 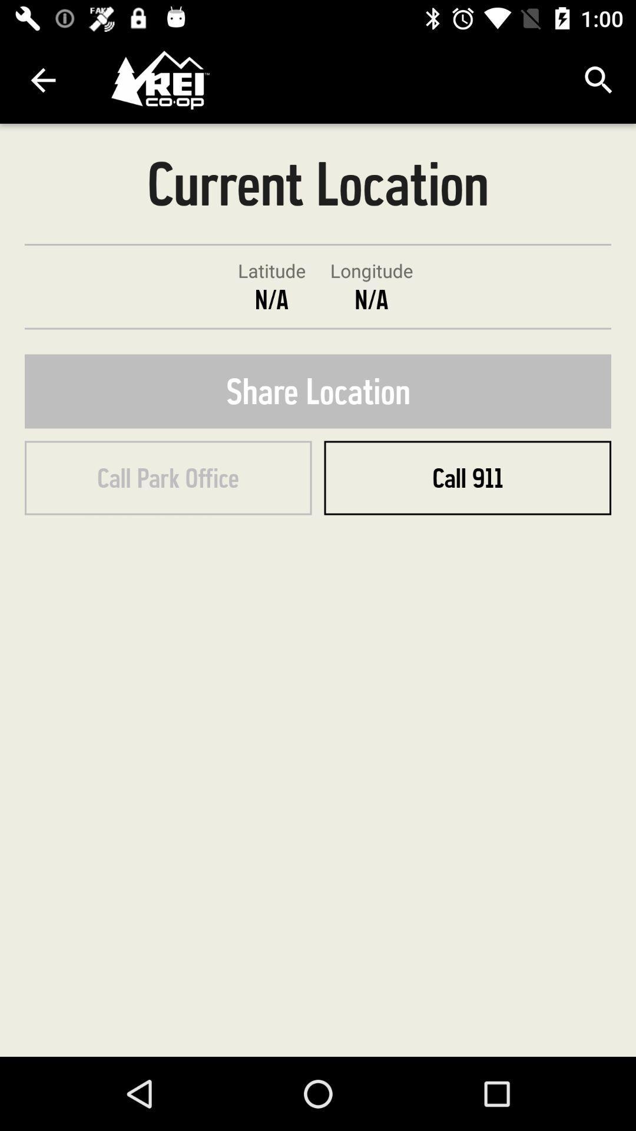 I want to click on the share location, so click(x=318, y=391).